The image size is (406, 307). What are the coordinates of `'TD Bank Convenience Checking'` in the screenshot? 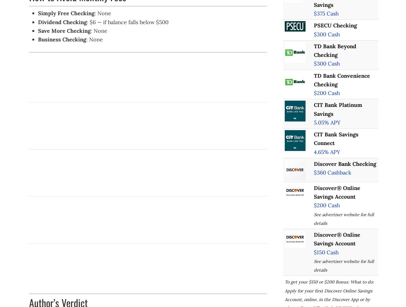 It's located at (342, 80).